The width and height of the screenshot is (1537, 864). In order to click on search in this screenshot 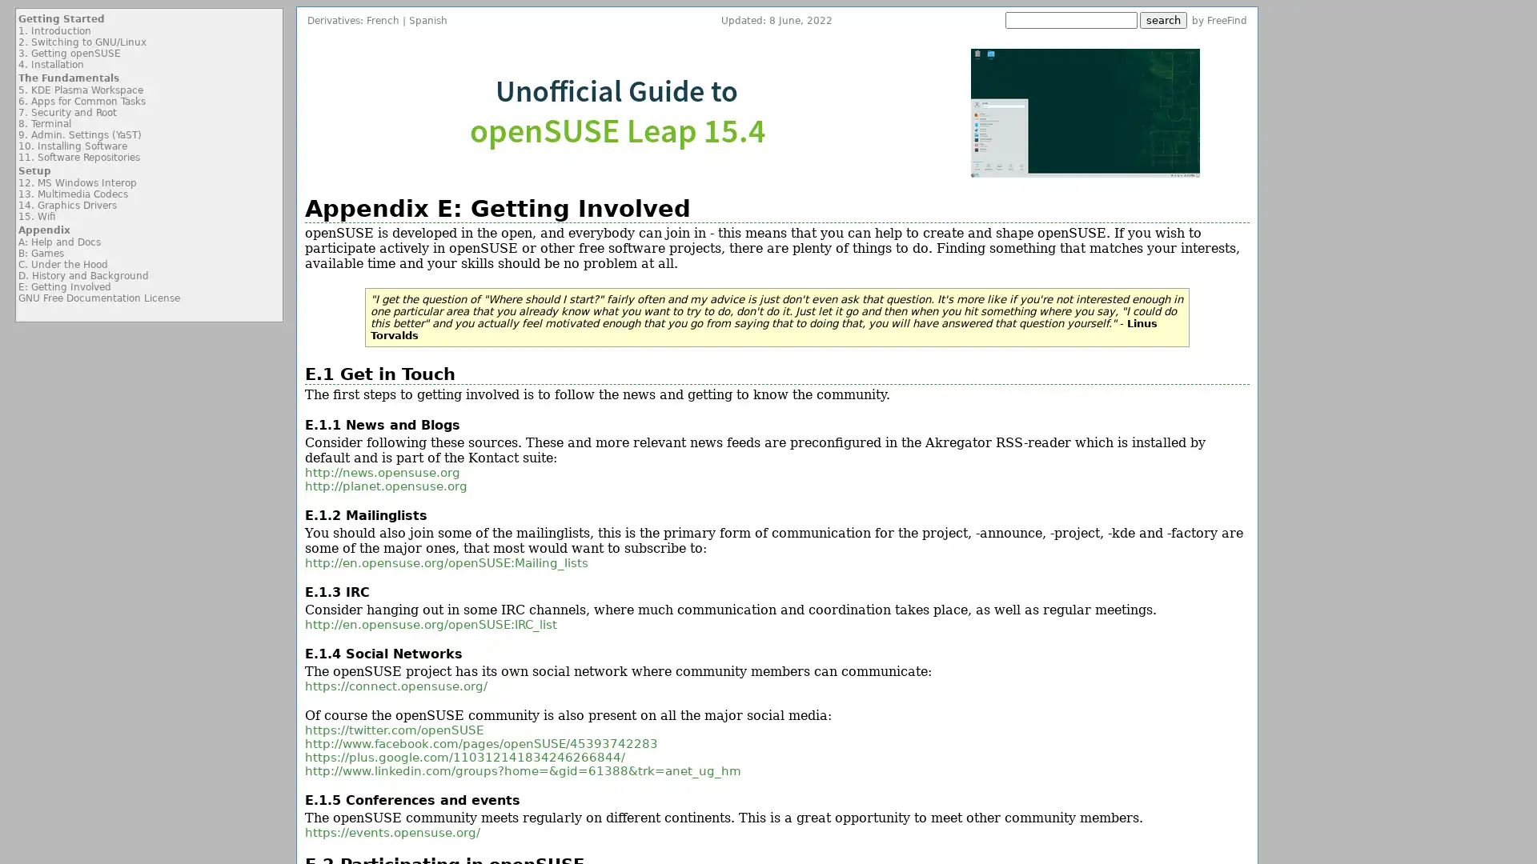, I will do `click(1163, 20)`.